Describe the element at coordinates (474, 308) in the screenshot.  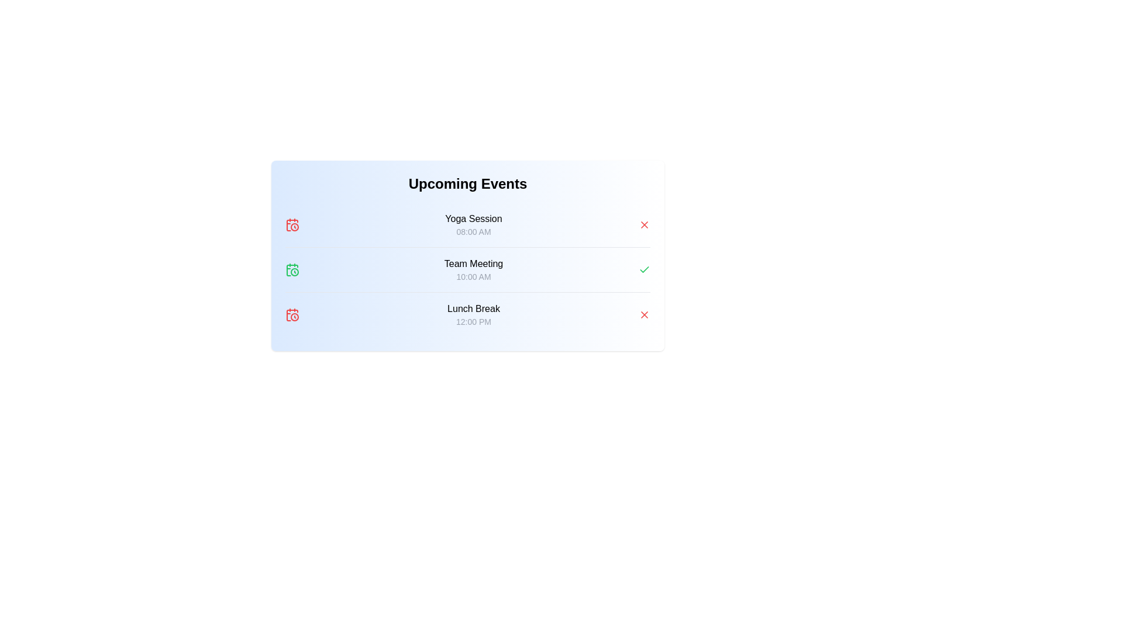
I see `the 'Lunch Break' text label in the third row of the 'Upcoming Events' list, which indicates the time slot '12:00 PM'` at that location.